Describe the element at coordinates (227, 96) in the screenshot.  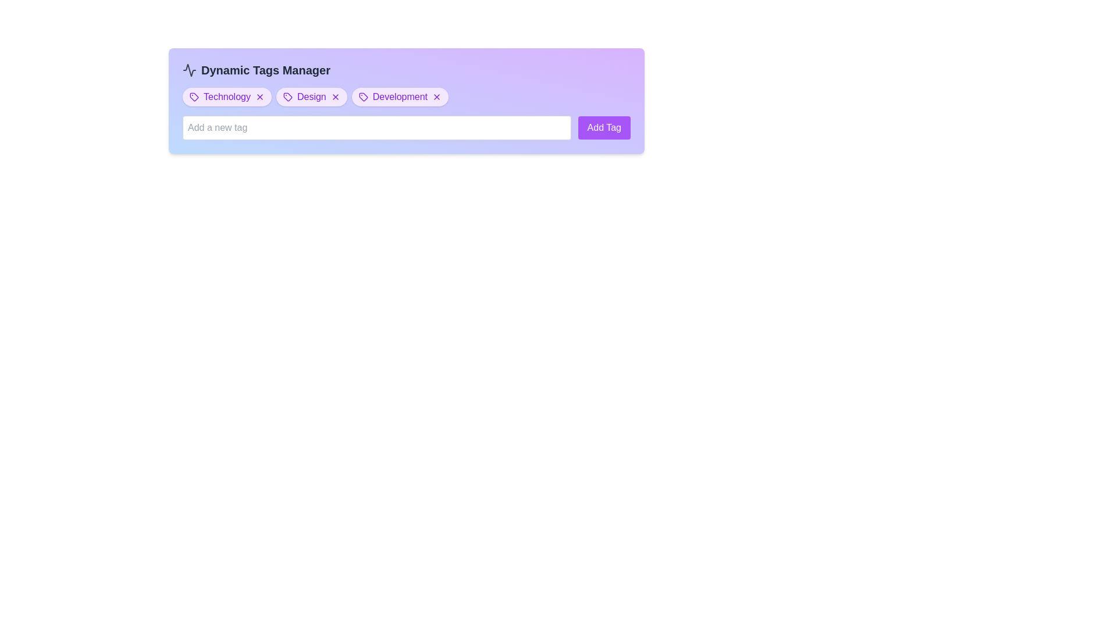
I see `on the 'Technology' label/tag` at that location.